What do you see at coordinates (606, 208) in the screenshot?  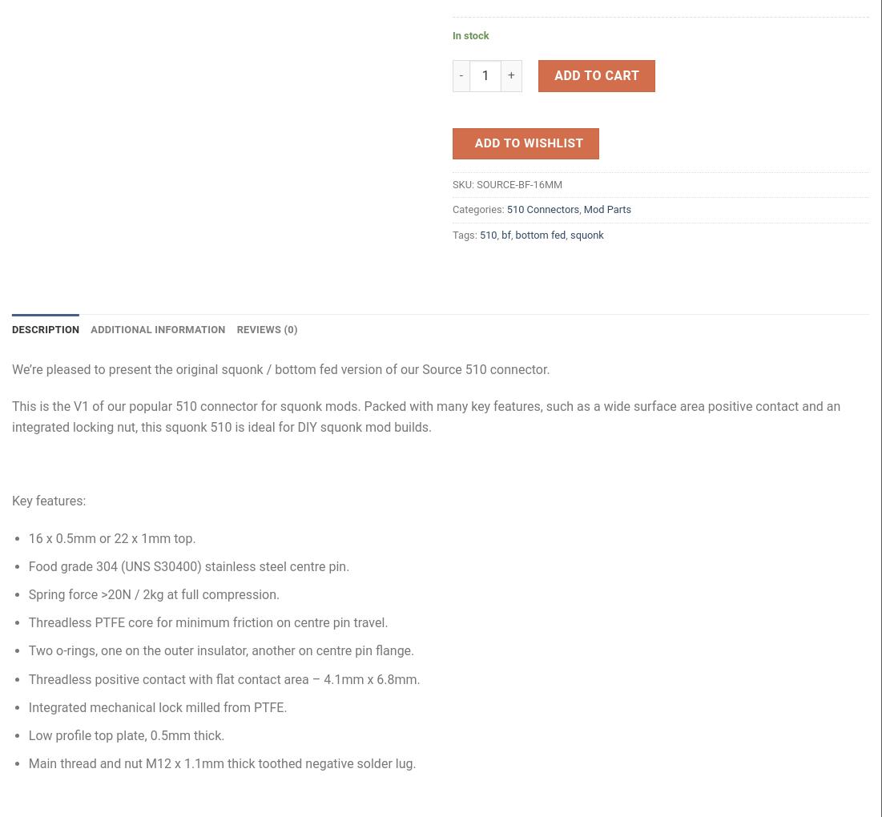 I see `'Mod Parts'` at bounding box center [606, 208].